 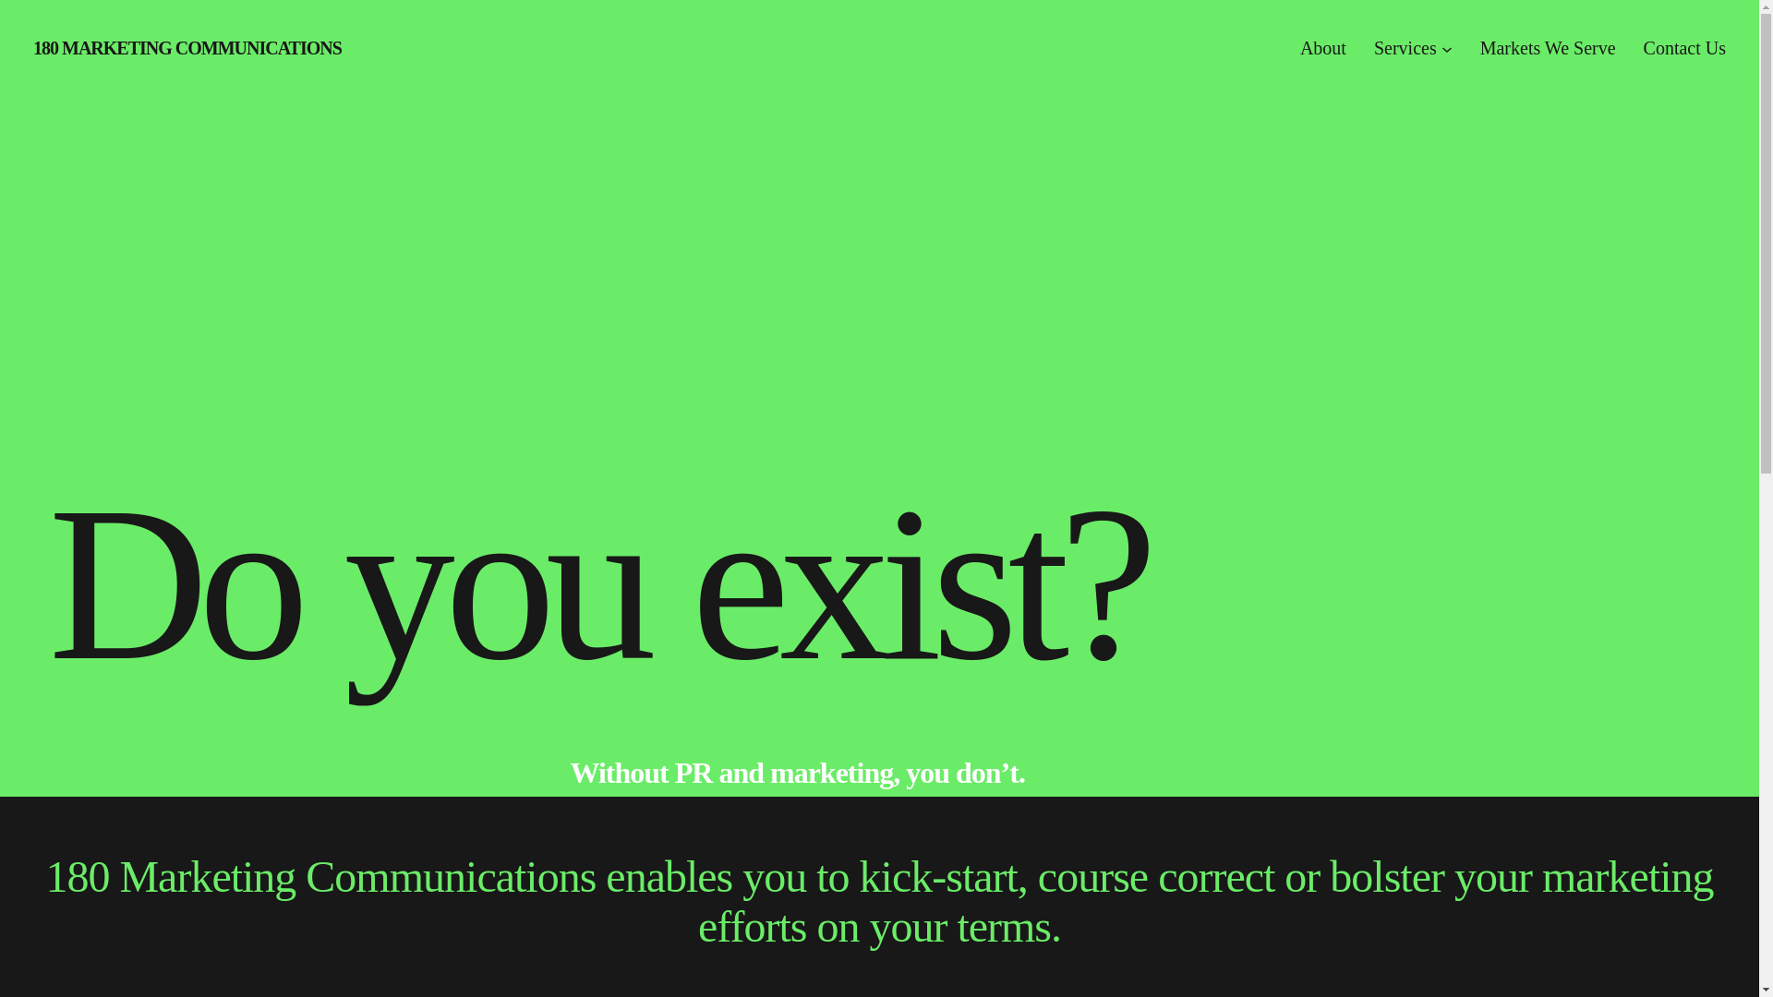 I want to click on 'Markets We Serve', so click(x=1548, y=46).